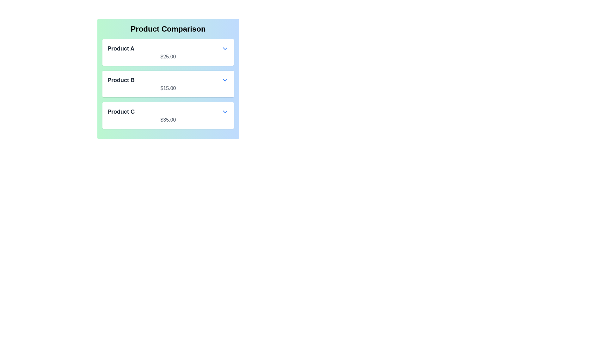 The image size is (607, 341). I want to click on the Dropdown toggle icon located to the right of the text label 'Product C', so click(225, 111).